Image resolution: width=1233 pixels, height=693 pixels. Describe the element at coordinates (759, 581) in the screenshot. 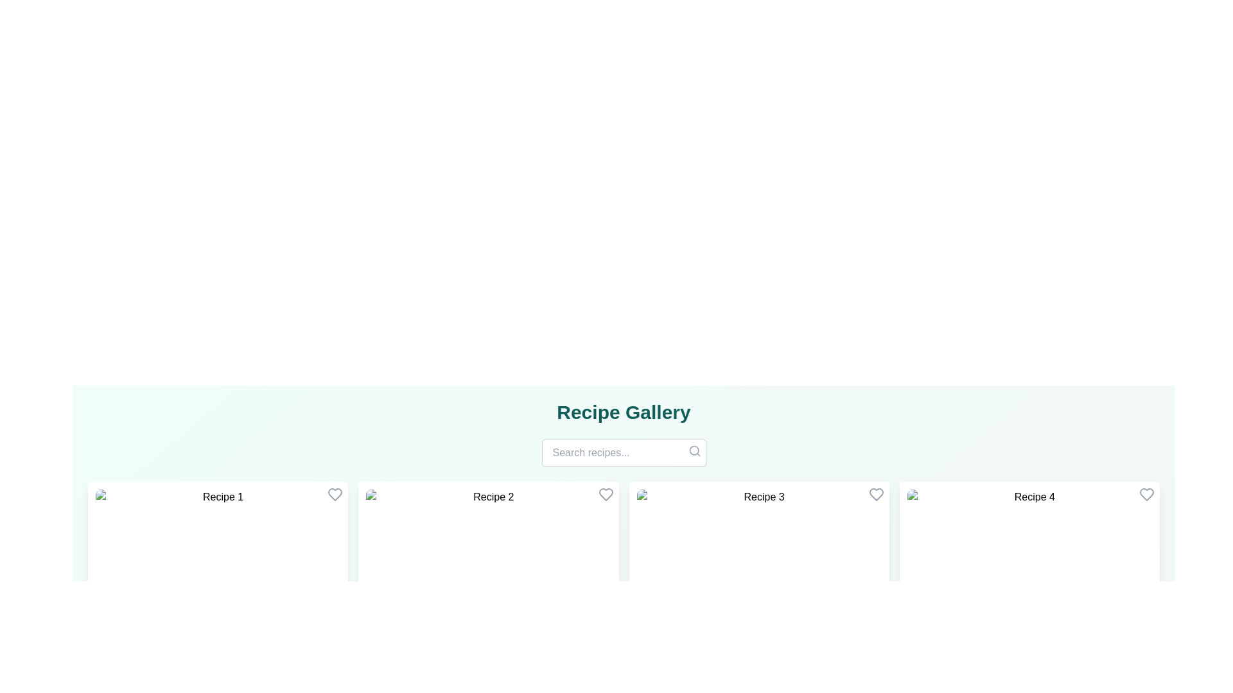

I see `the 'Recipe 3' card, which is a rectangular card with a white background and rounded corners, featuring a bold title and a prominent 'View Recipe' button at the bottom` at that location.